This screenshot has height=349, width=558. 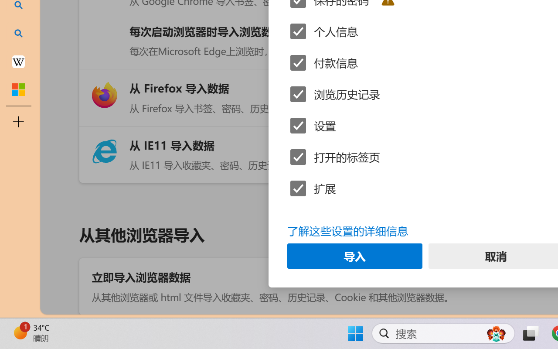 What do you see at coordinates (18, 61) in the screenshot?
I see `'Earth - Wikipedia'` at bounding box center [18, 61].